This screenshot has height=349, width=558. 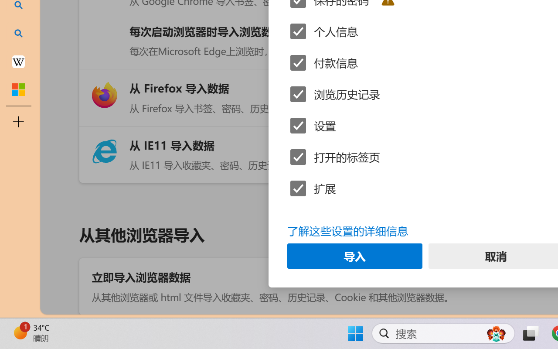 What do you see at coordinates (18, 61) in the screenshot?
I see `'Earth - Wikipedia'` at bounding box center [18, 61].